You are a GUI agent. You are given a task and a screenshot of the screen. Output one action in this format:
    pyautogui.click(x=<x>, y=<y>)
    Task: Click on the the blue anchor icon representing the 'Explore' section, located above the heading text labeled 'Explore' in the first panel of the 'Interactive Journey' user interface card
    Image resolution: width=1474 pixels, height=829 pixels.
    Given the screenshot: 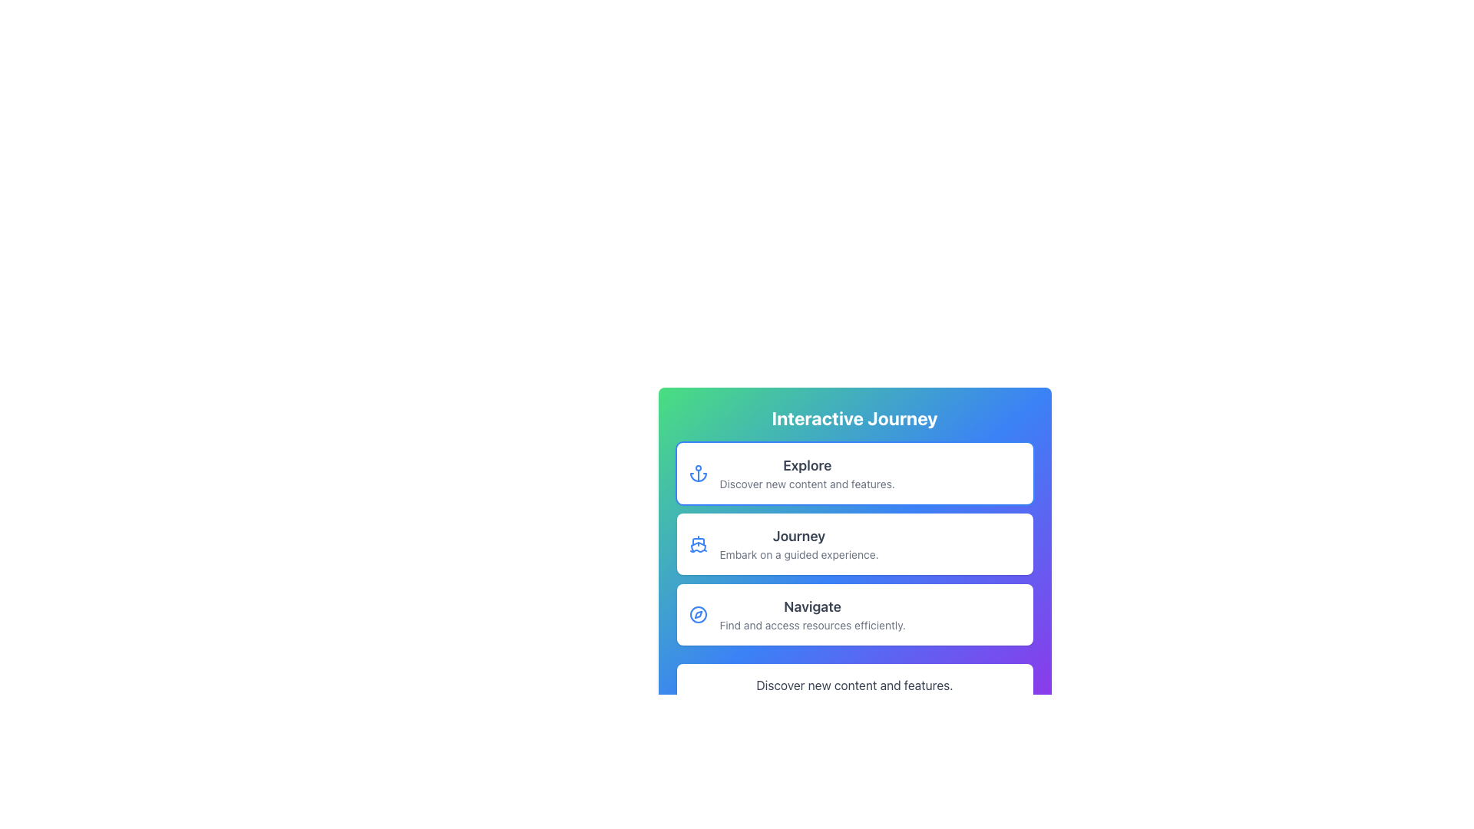 What is the action you would take?
    pyautogui.click(x=697, y=473)
    